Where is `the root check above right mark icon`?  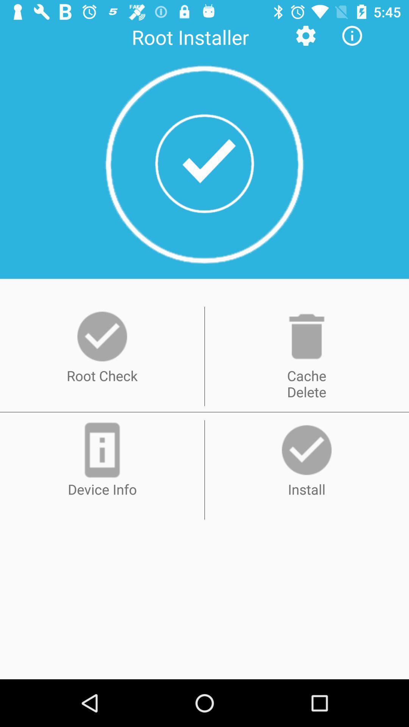
the root check above right mark icon is located at coordinates (102, 336).